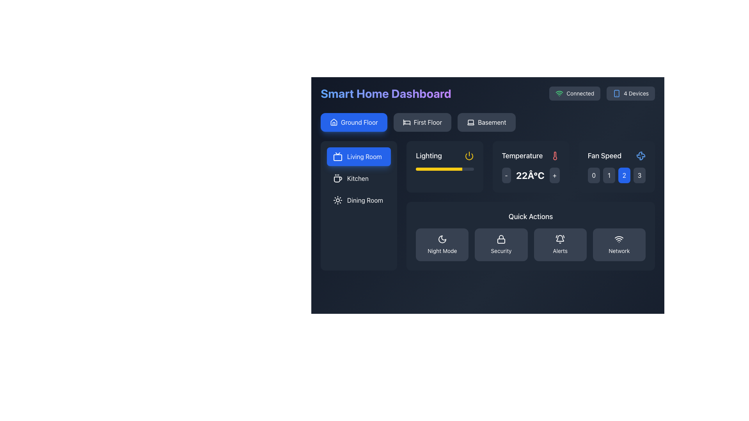  I want to click on the 'Ground Floor' navigation button located in the top left portion of the interface, so click(353, 122).